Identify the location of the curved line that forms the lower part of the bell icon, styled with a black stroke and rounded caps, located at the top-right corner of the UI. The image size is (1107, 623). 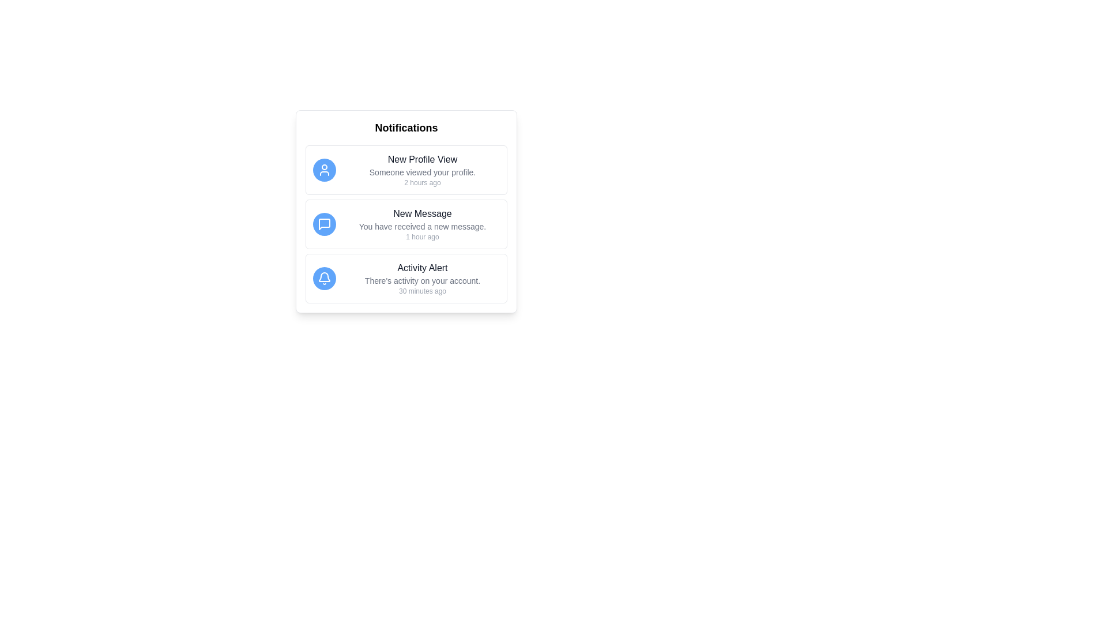
(323, 277).